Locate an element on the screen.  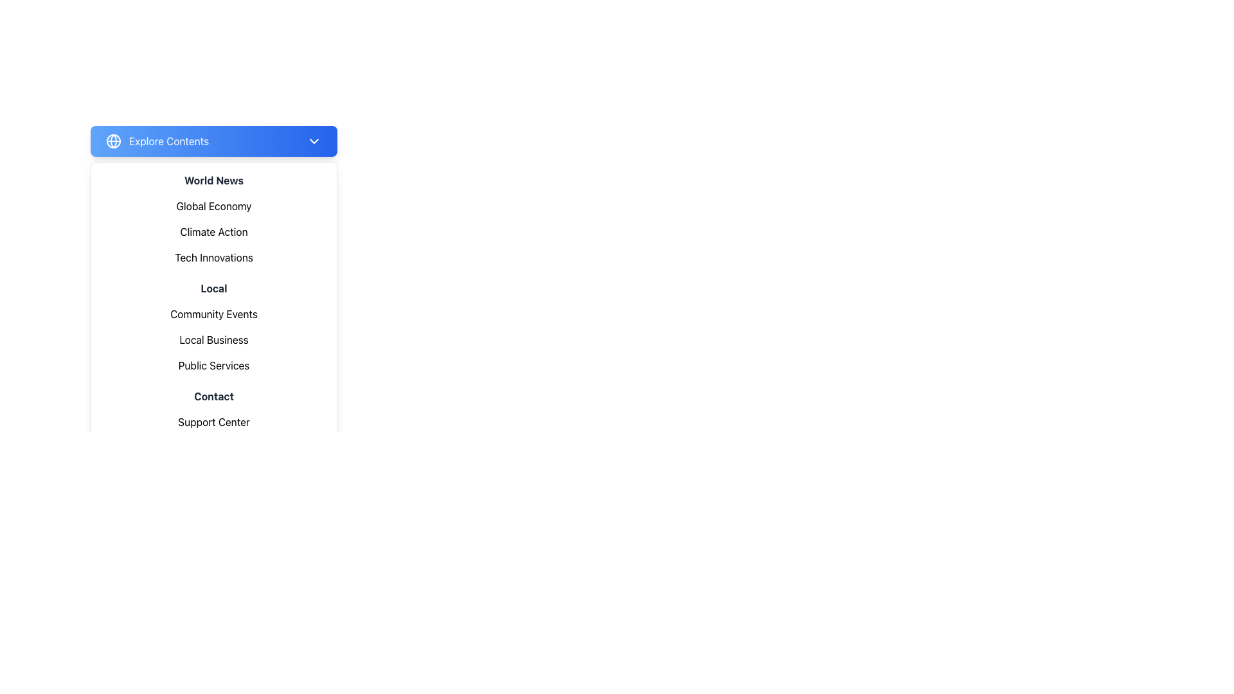
the static text 'World News' which is positioned at the top of the dropdown menu under the header 'Explore Contents' is located at coordinates (213, 181).